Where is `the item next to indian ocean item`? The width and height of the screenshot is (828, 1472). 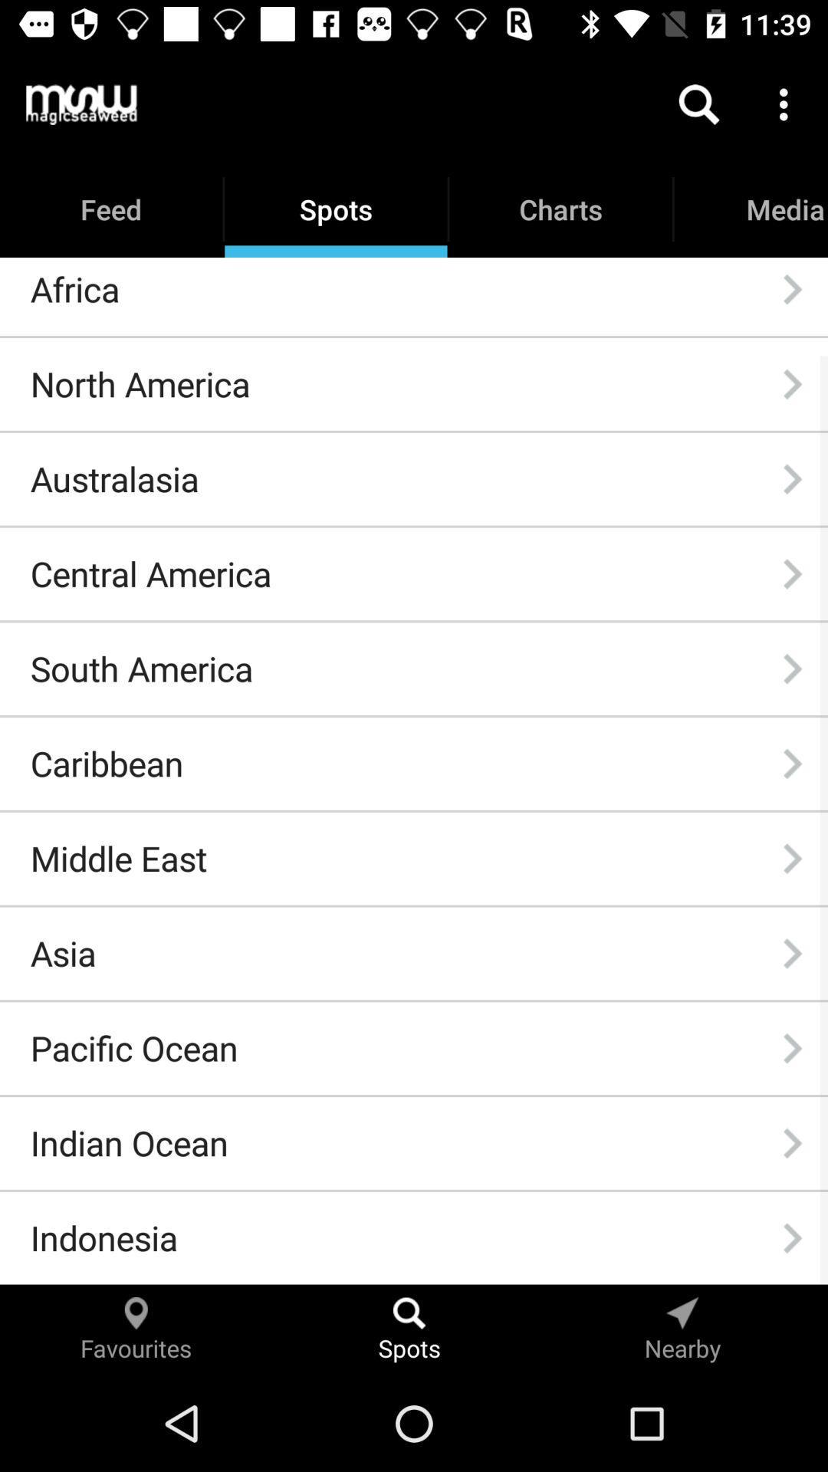 the item next to indian ocean item is located at coordinates (792, 1143).